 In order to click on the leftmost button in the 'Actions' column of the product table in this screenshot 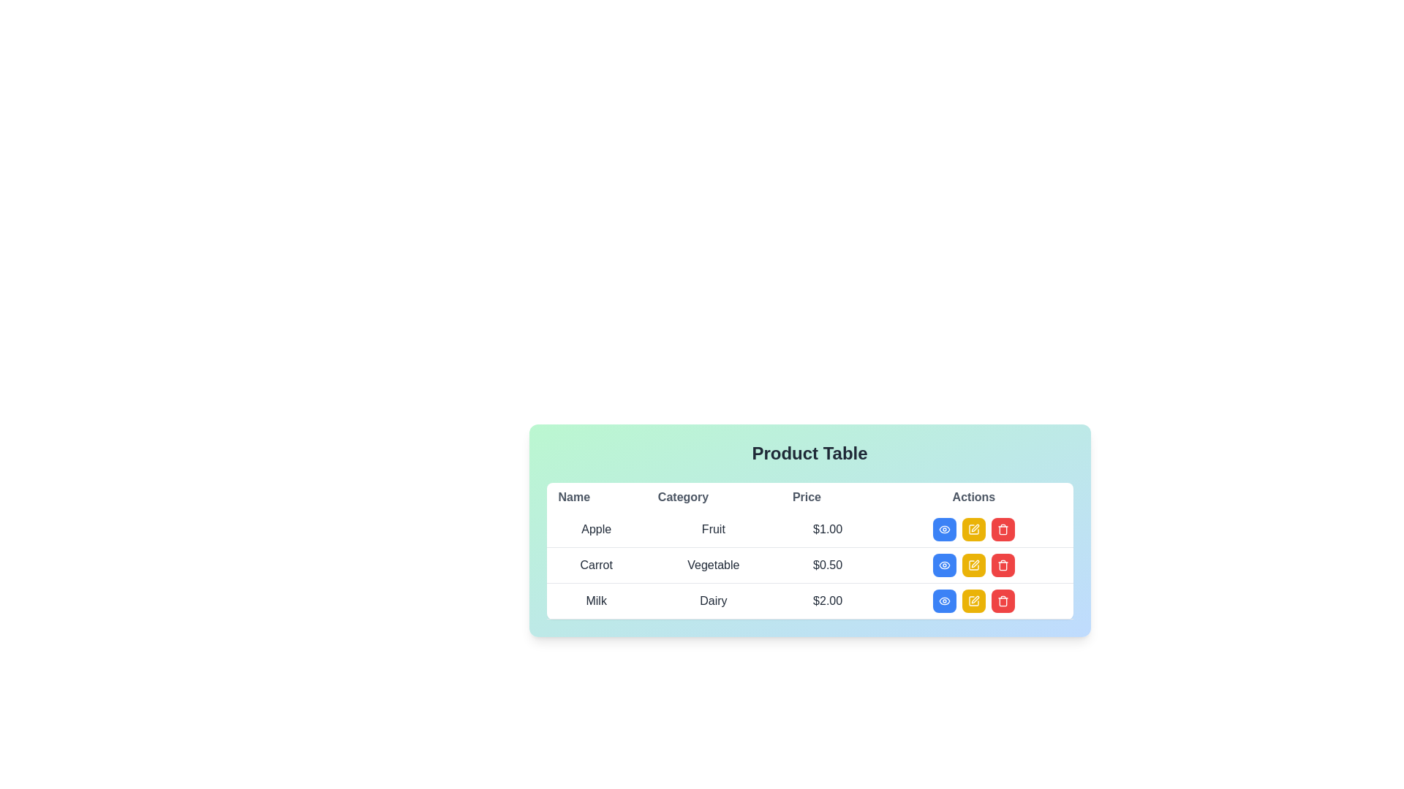, I will do `click(944, 530)`.